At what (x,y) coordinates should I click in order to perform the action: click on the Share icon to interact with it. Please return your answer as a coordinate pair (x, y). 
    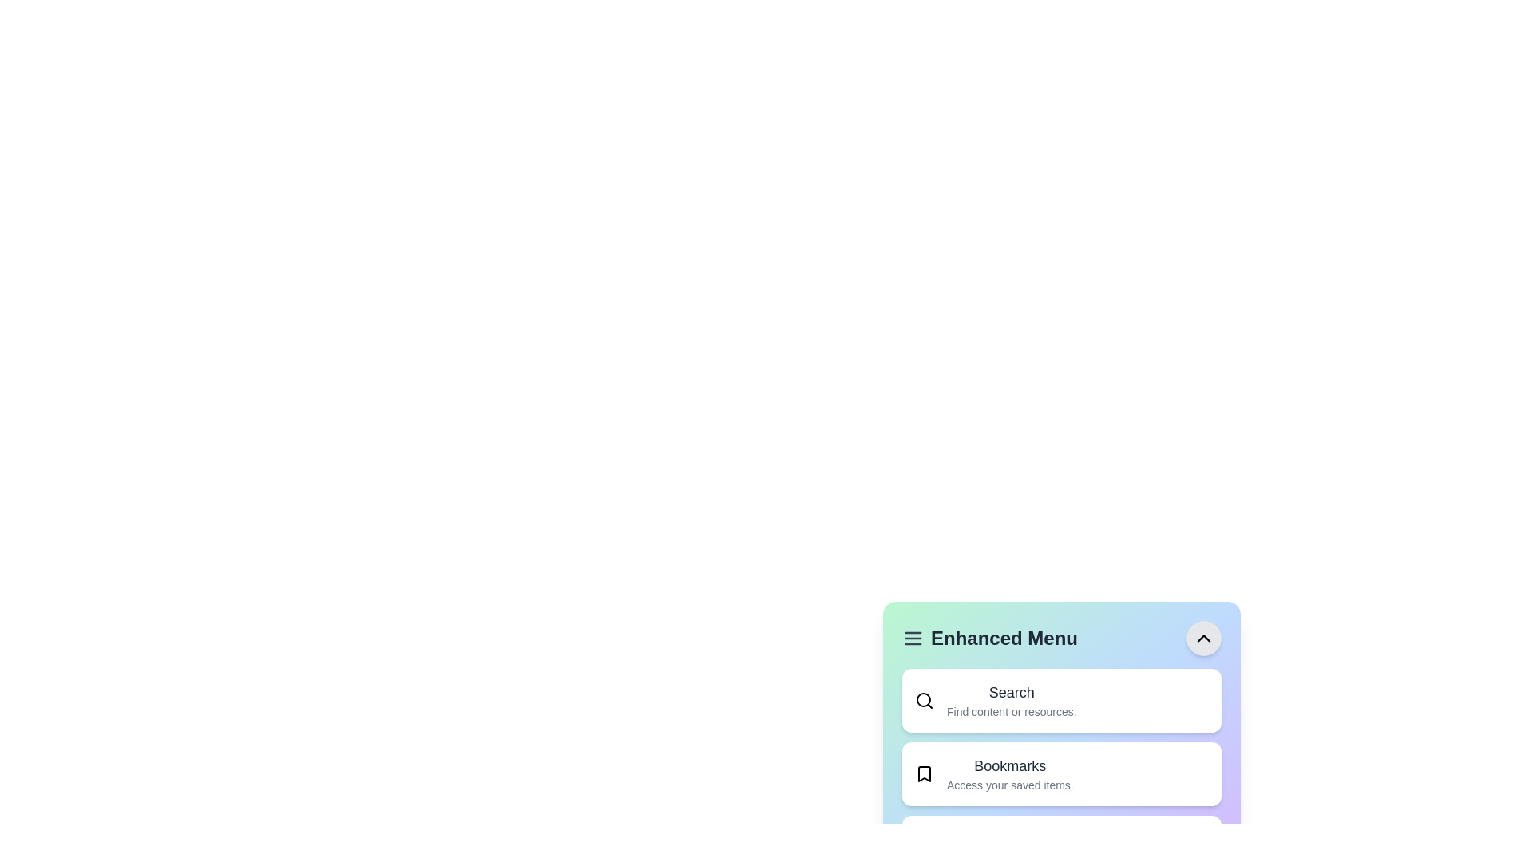
    Looking at the image, I should click on (924, 846).